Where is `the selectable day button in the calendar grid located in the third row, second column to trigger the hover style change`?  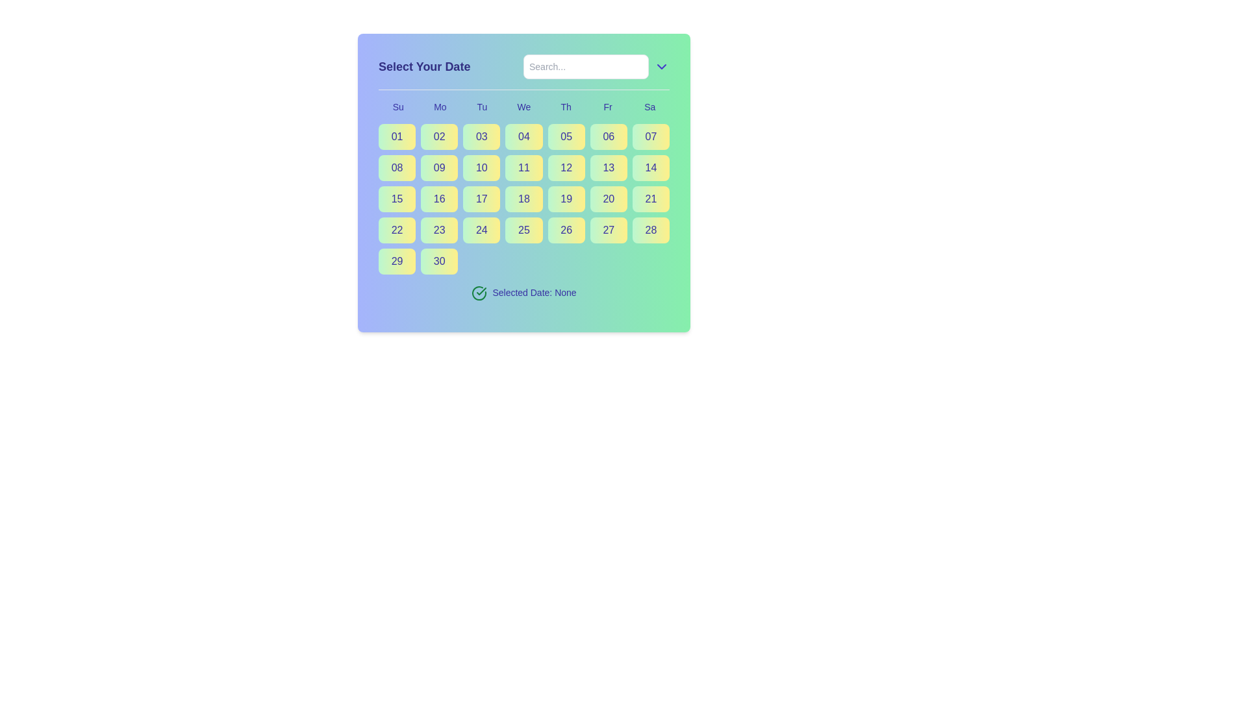 the selectable day button in the calendar grid located in the third row, second column to trigger the hover style change is located at coordinates (439, 199).